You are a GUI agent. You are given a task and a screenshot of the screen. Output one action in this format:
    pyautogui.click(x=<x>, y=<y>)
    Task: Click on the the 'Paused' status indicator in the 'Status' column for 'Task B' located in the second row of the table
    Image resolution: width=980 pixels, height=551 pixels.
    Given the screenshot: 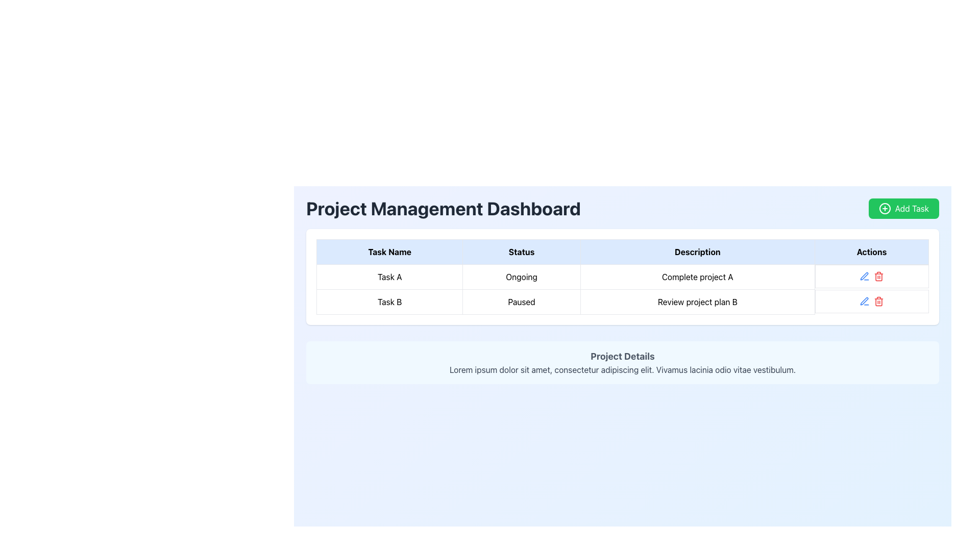 What is the action you would take?
    pyautogui.click(x=522, y=301)
    